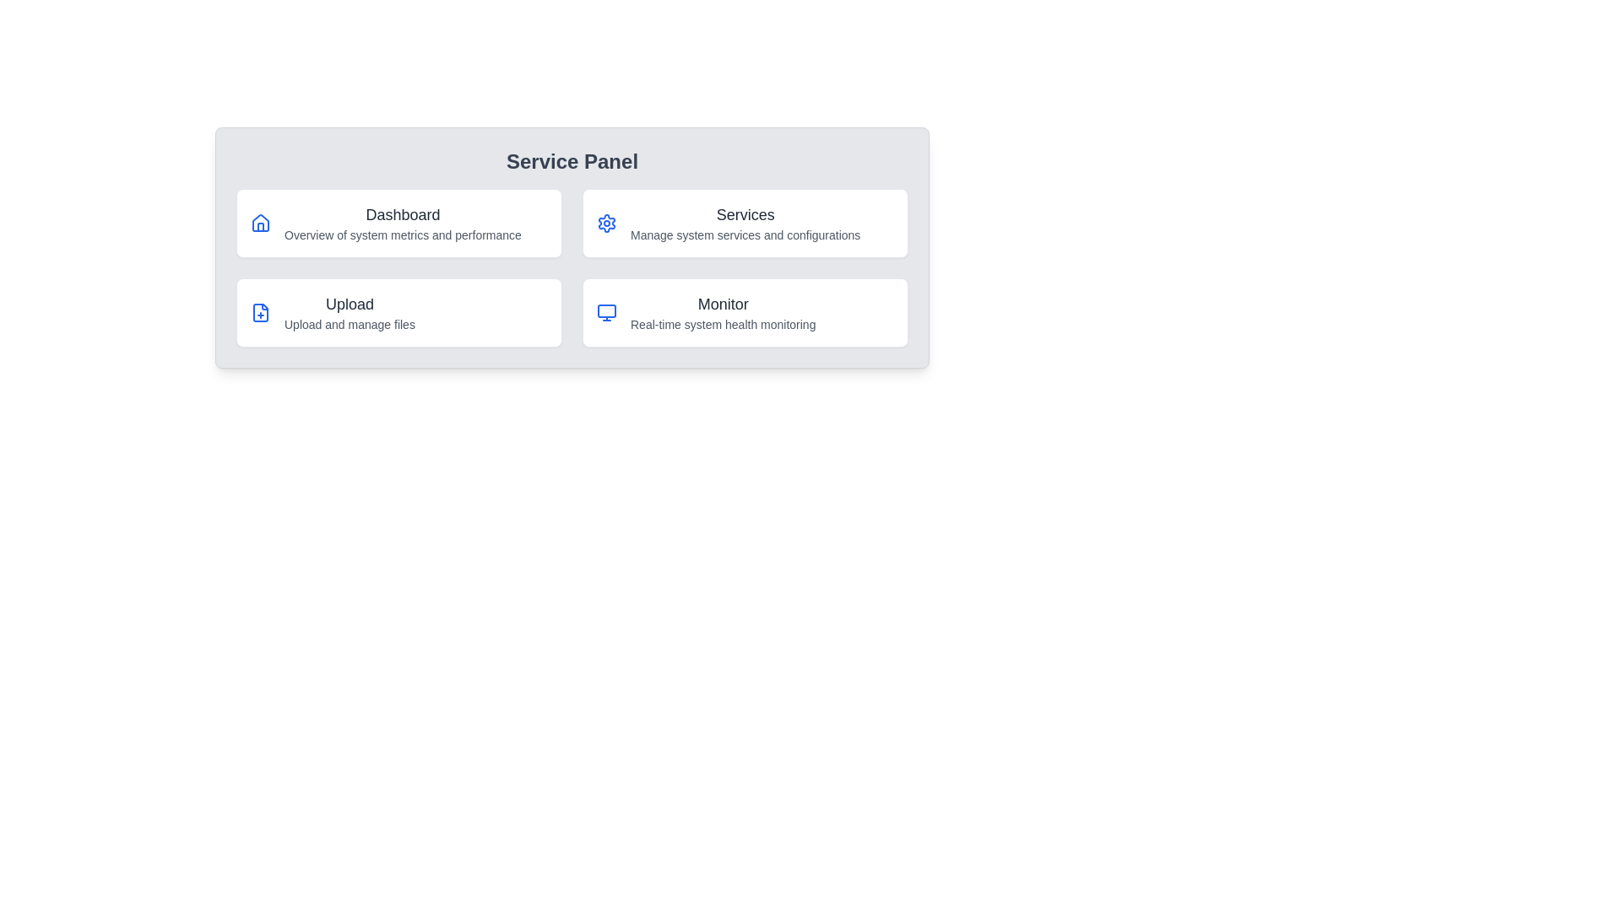 The image size is (1621, 911). What do you see at coordinates (745, 223) in the screenshot?
I see `text block titled 'Services' which describes managing system services and configurations, located in the upper-right section of the panel` at bounding box center [745, 223].